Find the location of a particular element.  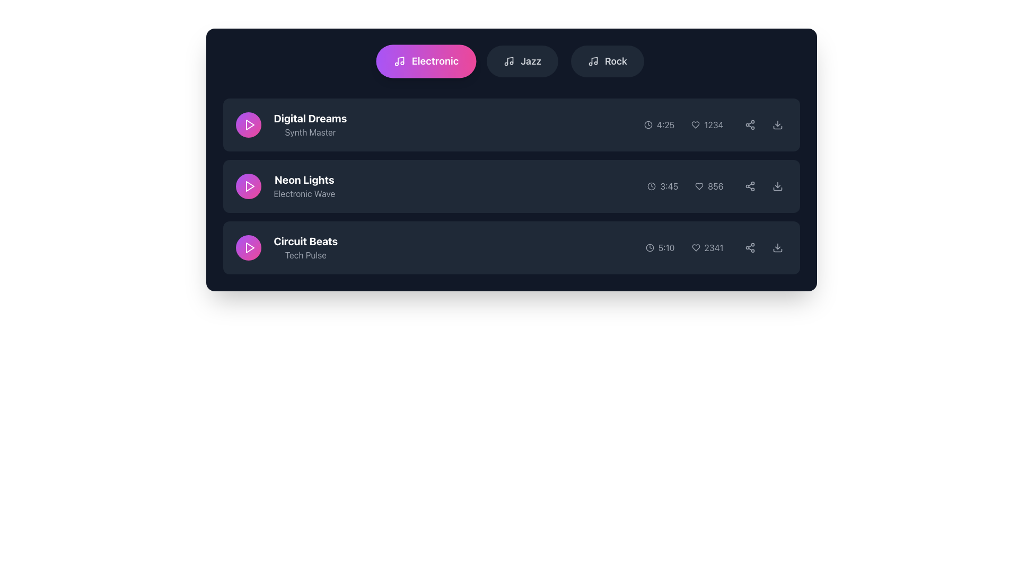

the share button located in the lower-right corner of the row for the track 'Circuit Beats' in the music player interface is located at coordinates (749, 247).